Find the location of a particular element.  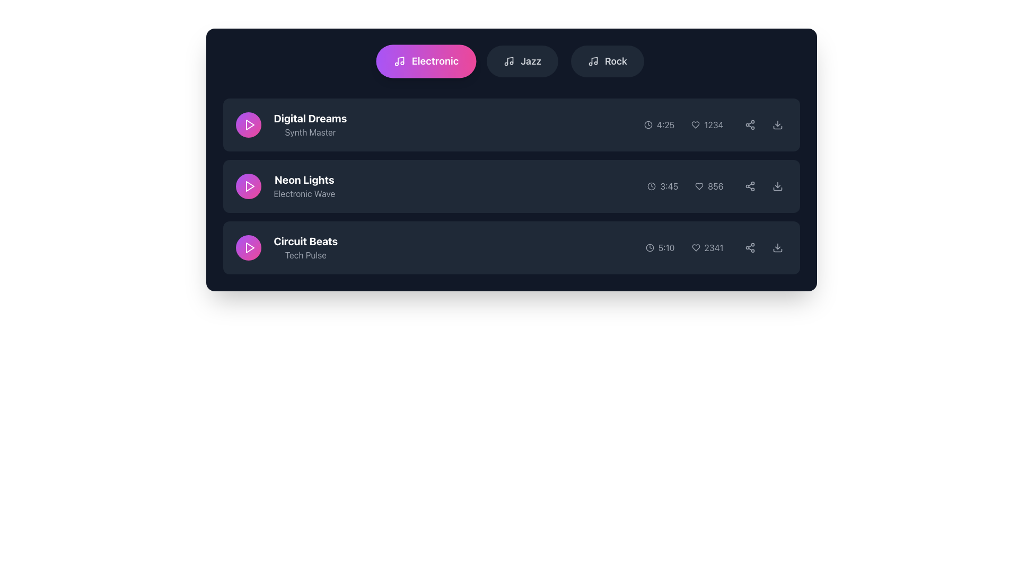

the share button located in the lower-right corner of the row for the track 'Circuit Beats' in the music player interface is located at coordinates (749, 247).